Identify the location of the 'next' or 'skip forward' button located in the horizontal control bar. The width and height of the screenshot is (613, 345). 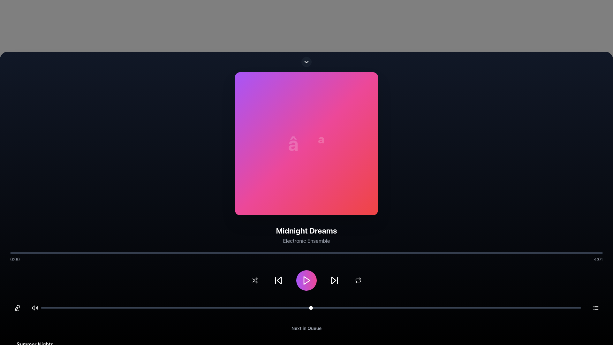
(333, 280).